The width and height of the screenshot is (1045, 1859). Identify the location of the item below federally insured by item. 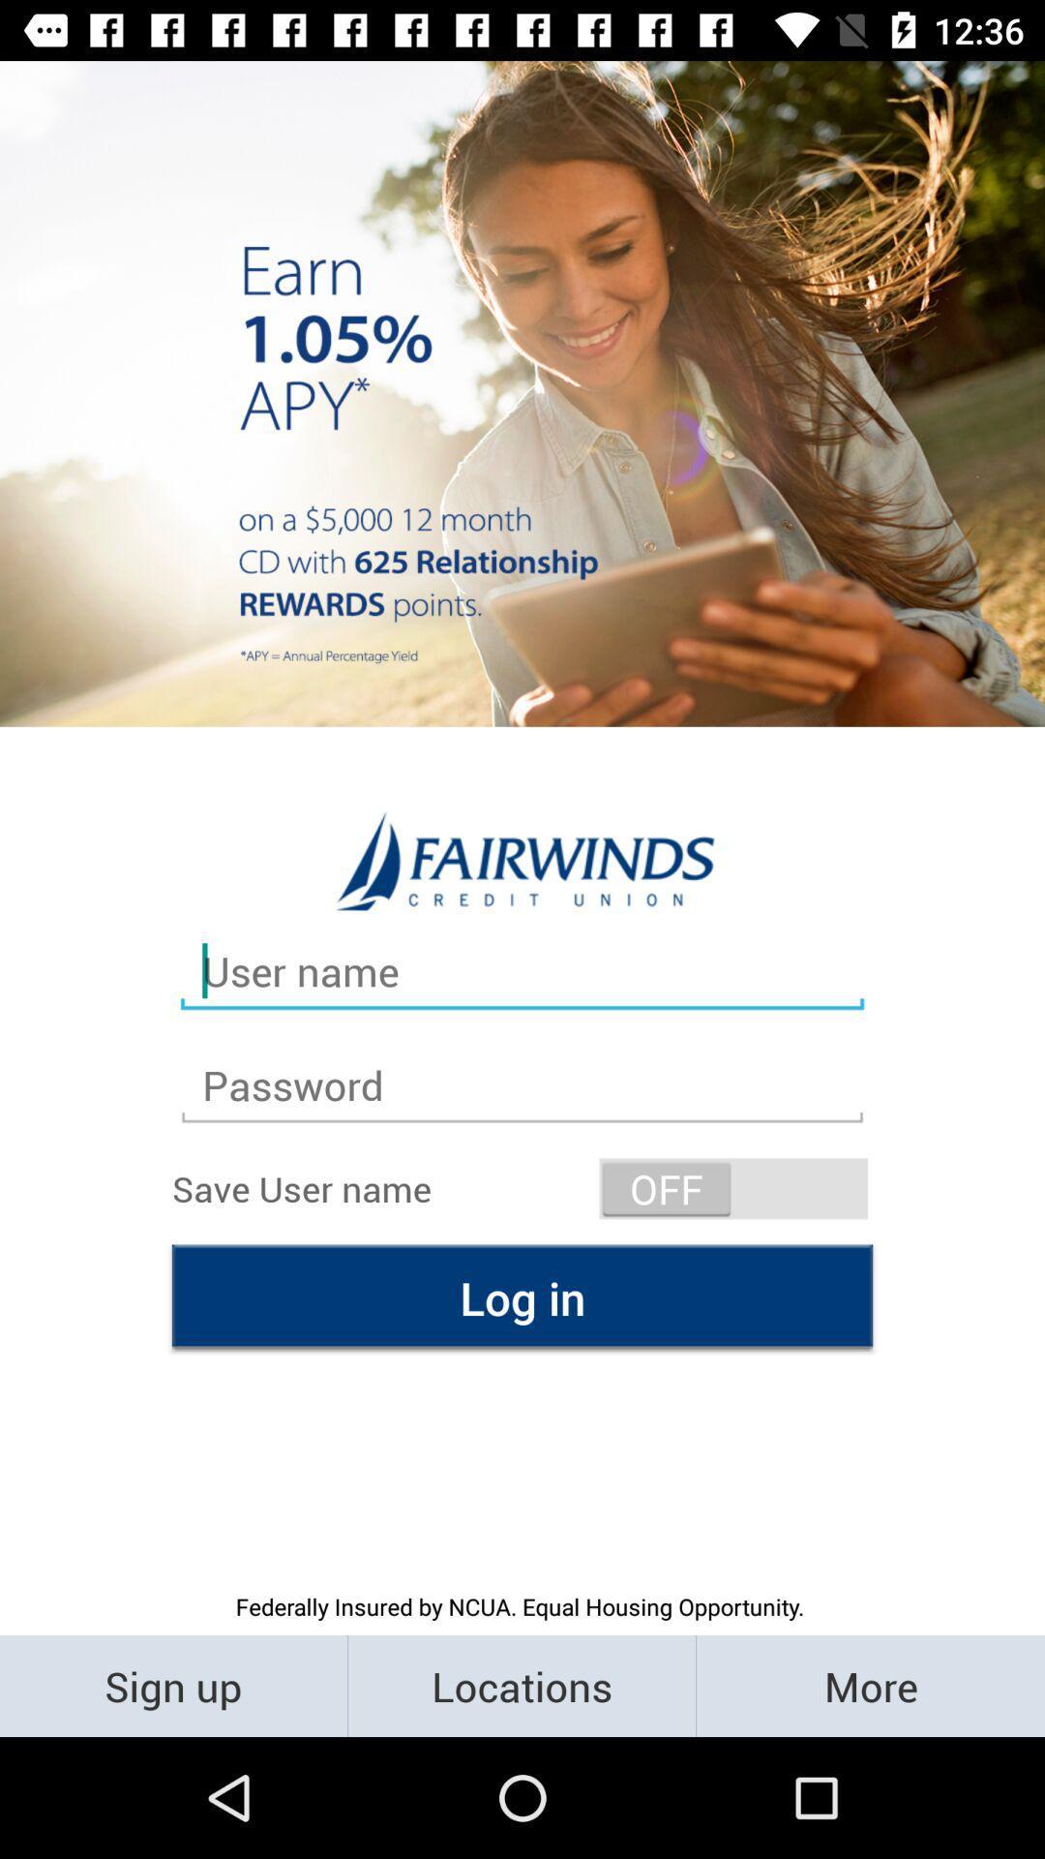
(172, 1685).